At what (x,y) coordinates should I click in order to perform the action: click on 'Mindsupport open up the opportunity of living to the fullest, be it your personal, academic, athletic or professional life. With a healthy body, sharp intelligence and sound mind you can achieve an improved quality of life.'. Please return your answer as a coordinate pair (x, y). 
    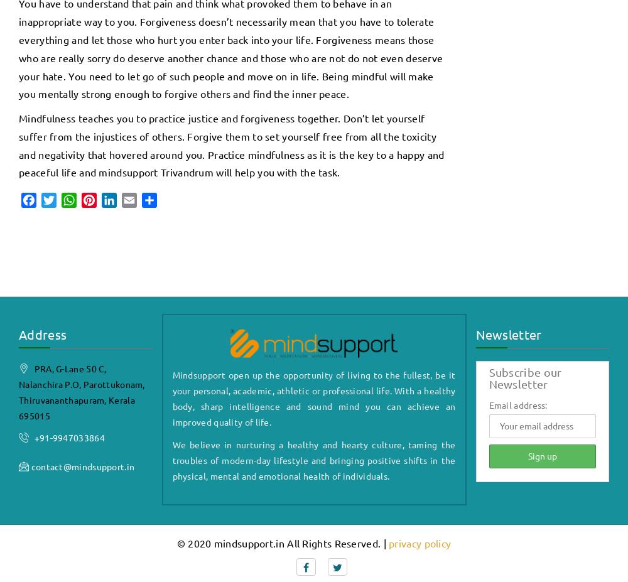
    Looking at the image, I should click on (313, 397).